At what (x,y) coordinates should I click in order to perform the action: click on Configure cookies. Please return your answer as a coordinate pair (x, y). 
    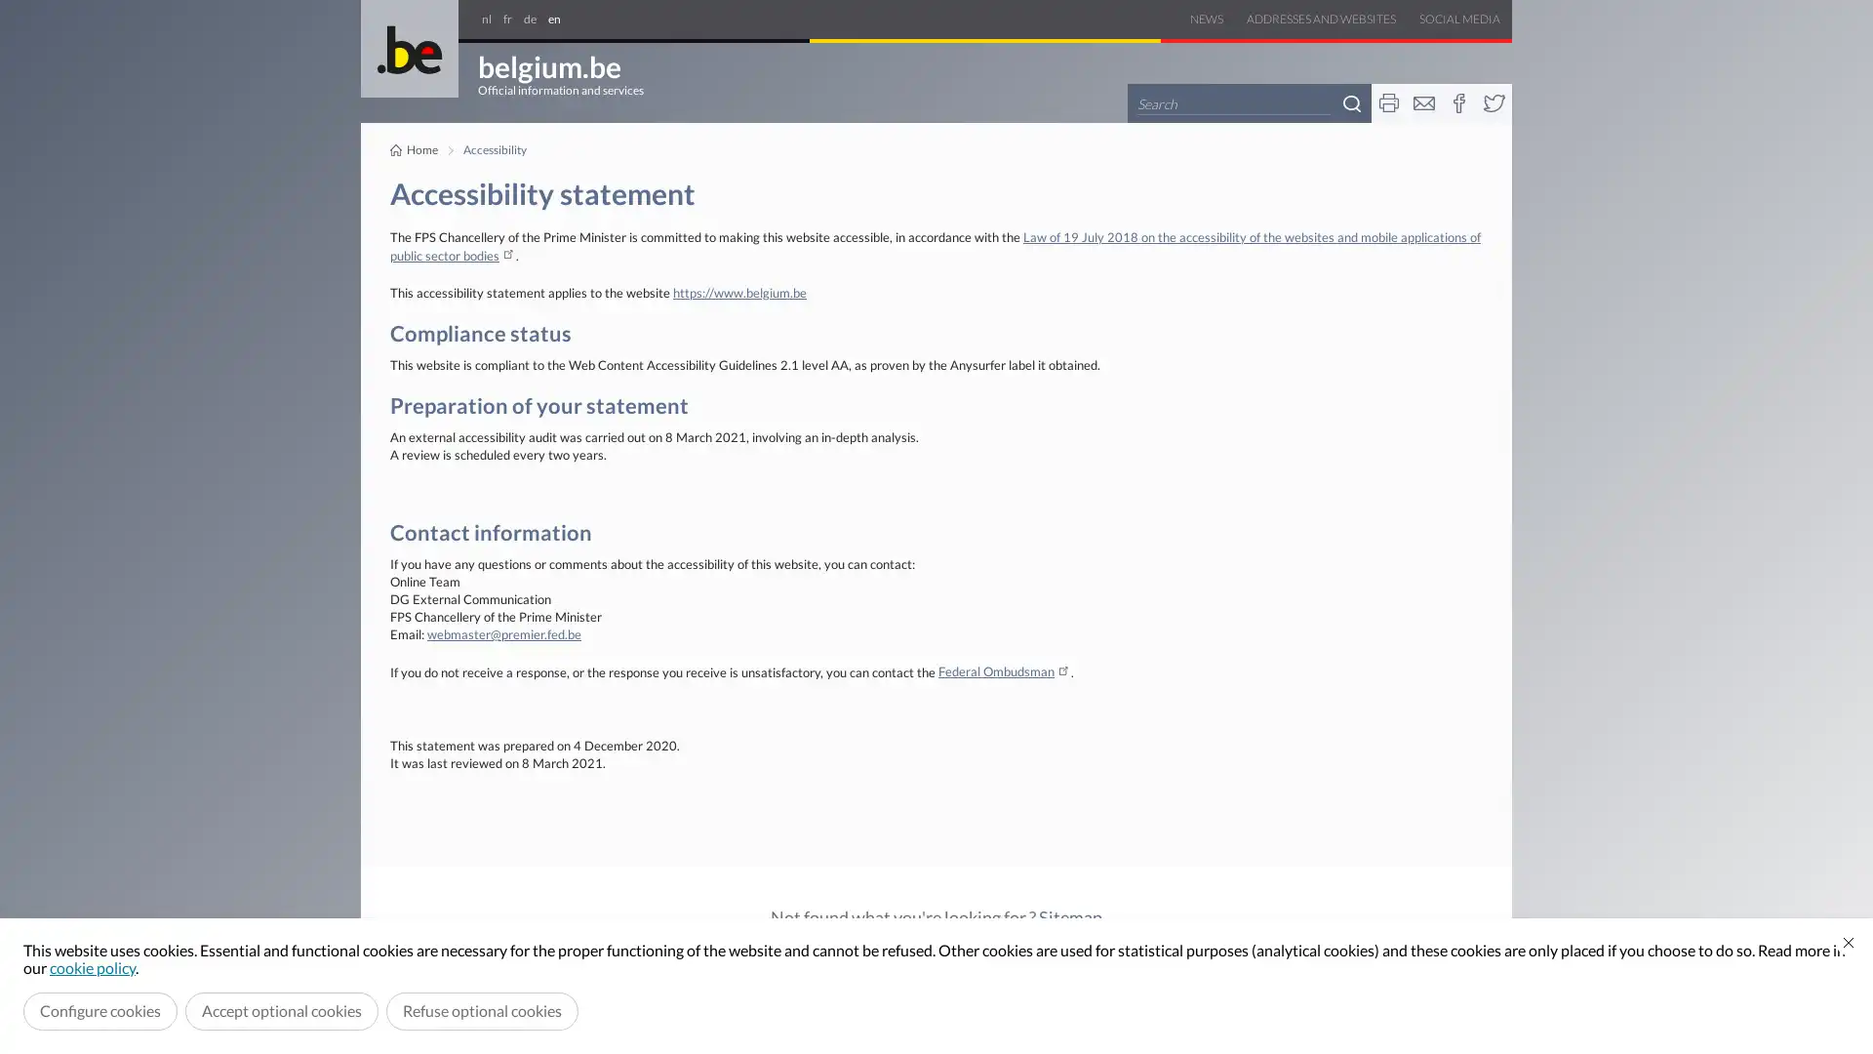
    Looking at the image, I should click on (99, 1010).